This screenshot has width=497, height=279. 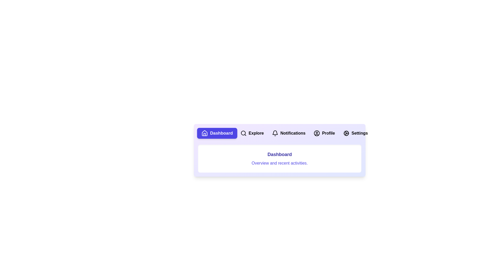 I want to click on the icon of the tab labeled Dashboard, so click(x=204, y=133).